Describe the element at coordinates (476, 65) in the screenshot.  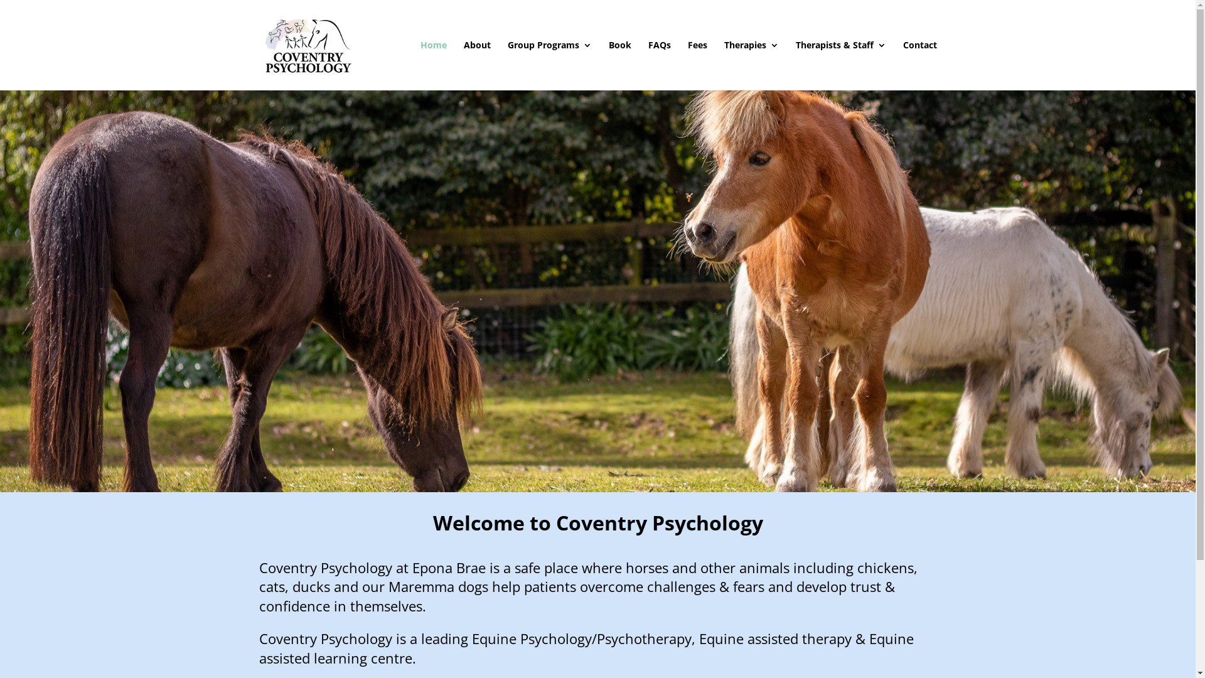
I see `'About'` at that location.